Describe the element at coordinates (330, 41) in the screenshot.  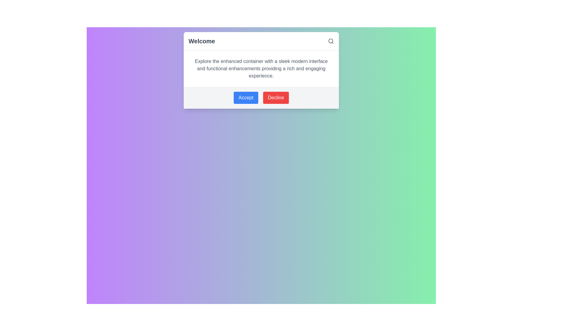
I see `the small gray magnifying glass icon located in the top-right corner of the 'Welcome' section` at that location.